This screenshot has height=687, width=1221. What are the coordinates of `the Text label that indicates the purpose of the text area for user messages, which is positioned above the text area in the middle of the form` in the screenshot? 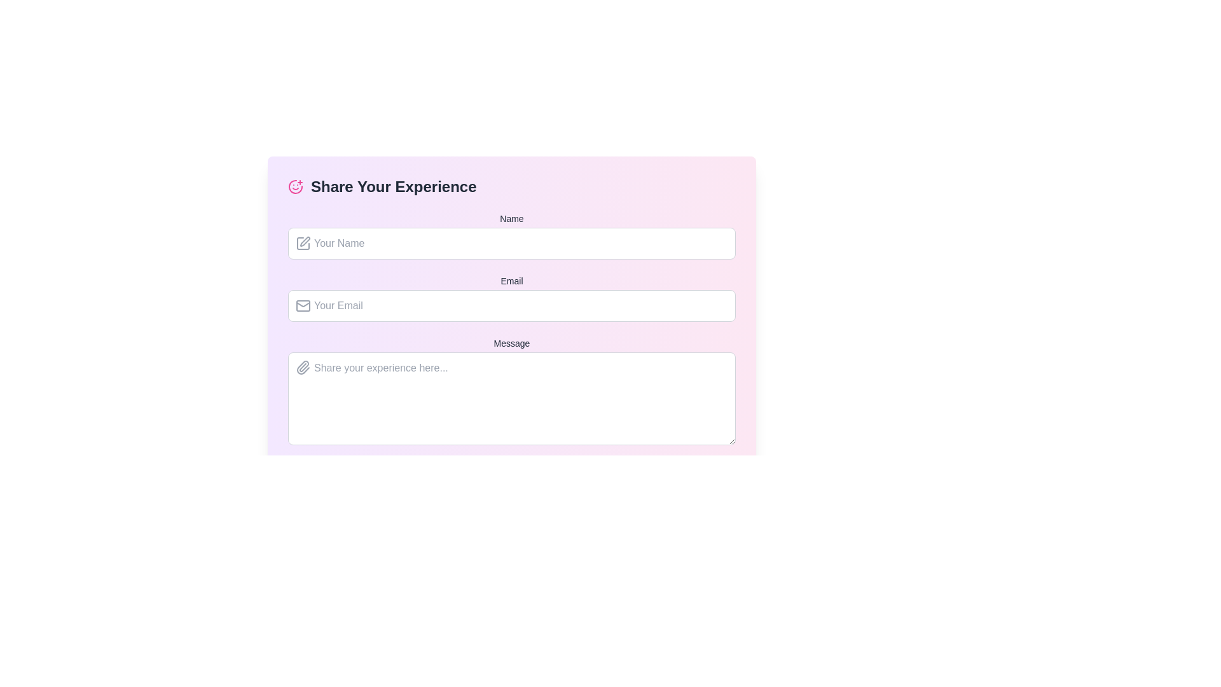 It's located at (512, 343).